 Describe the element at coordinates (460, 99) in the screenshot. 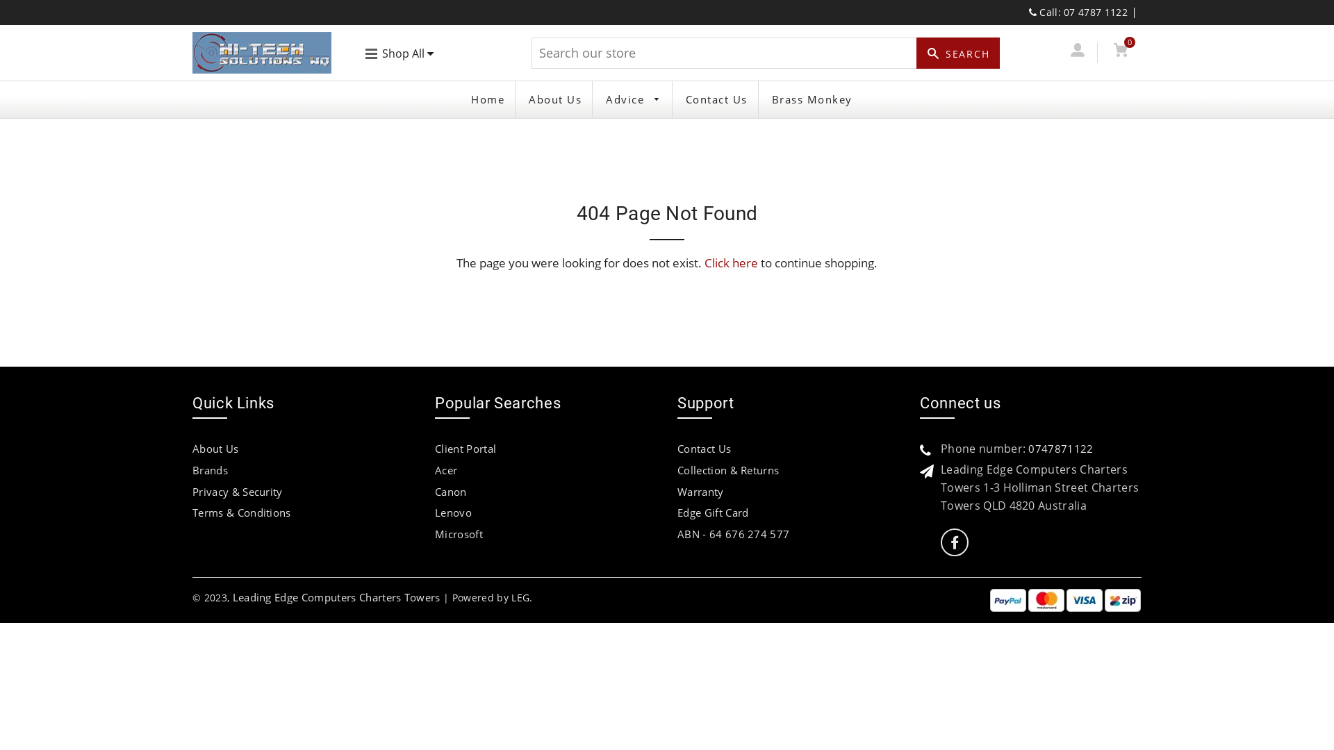

I see `'Home'` at that location.